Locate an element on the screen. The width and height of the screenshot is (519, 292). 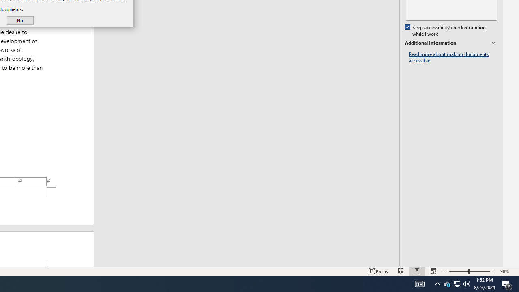
'User Promoted Notification Area' is located at coordinates (446, 283).